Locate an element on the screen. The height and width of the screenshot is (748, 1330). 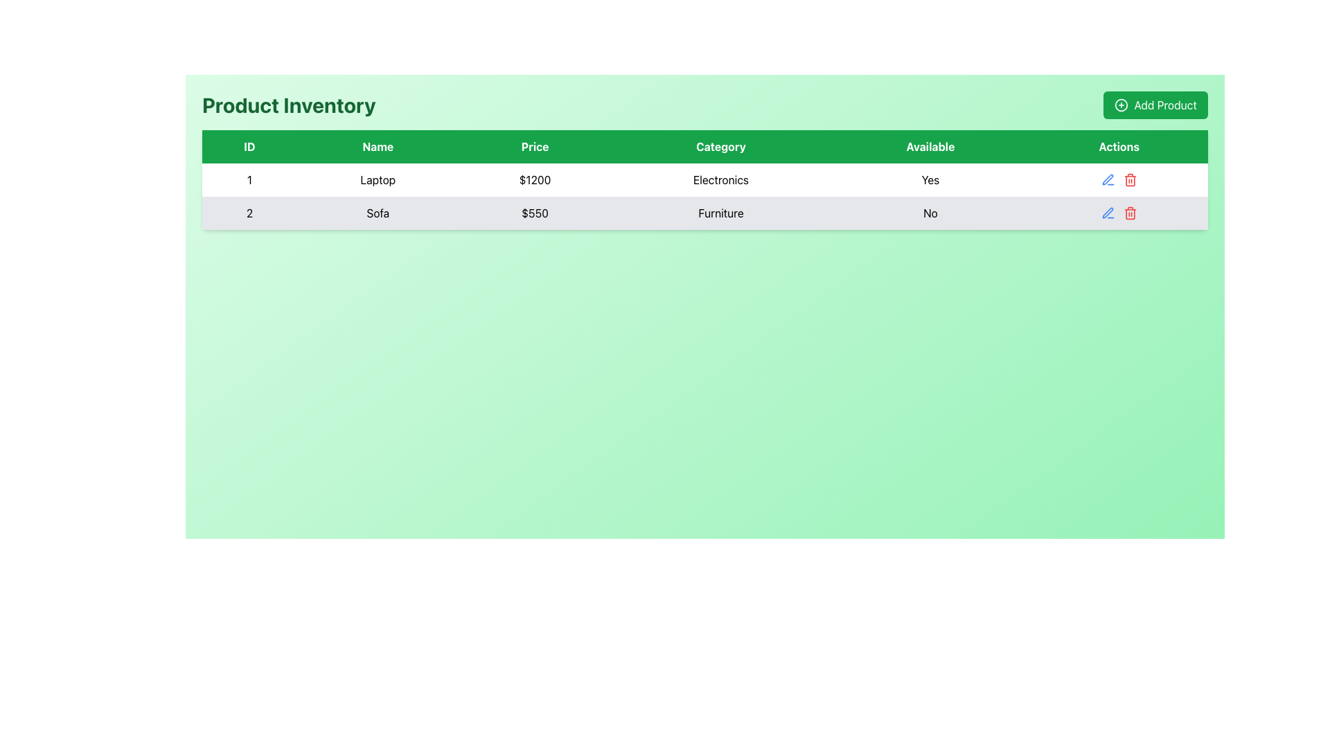
the 'No' availability status text label located in the second row of the table under the 'Available' column is located at coordinates (930, 213).